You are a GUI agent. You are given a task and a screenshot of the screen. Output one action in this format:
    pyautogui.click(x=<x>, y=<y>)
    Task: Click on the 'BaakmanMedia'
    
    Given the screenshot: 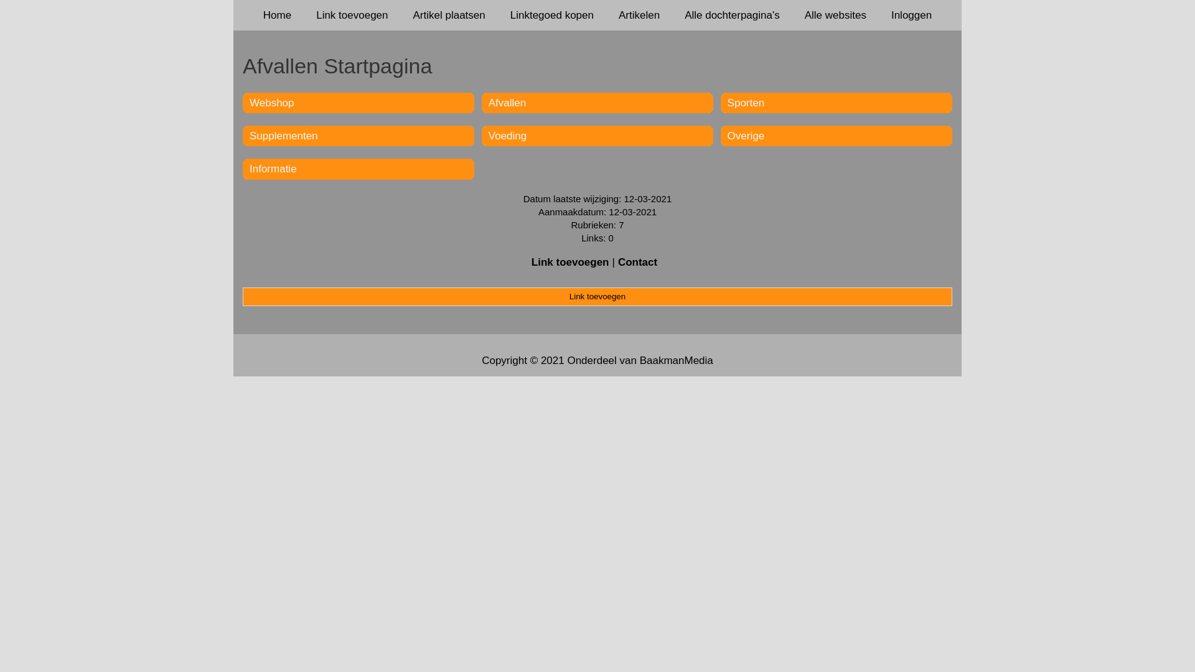 What is the action you would take?
    pyautogui.click(x=675, y=360)
    